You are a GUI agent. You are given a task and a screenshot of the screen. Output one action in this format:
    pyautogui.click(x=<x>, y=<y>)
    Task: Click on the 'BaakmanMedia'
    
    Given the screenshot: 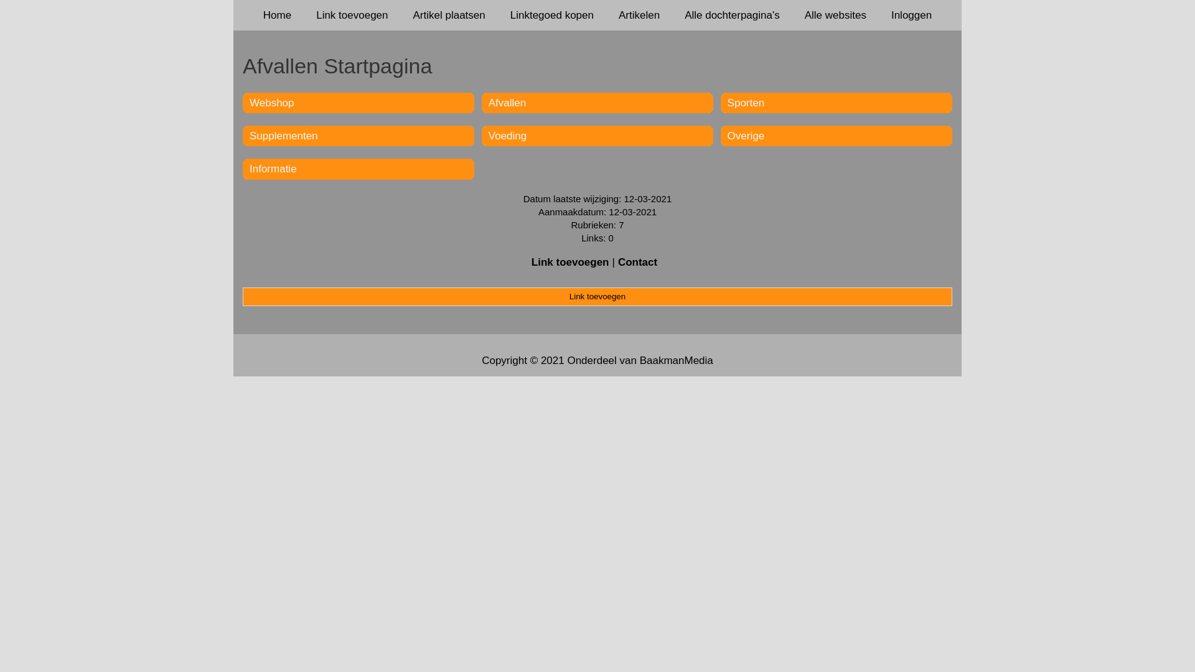 What is the action you would take?
    pyautogui.click(x=675, y=360)
    